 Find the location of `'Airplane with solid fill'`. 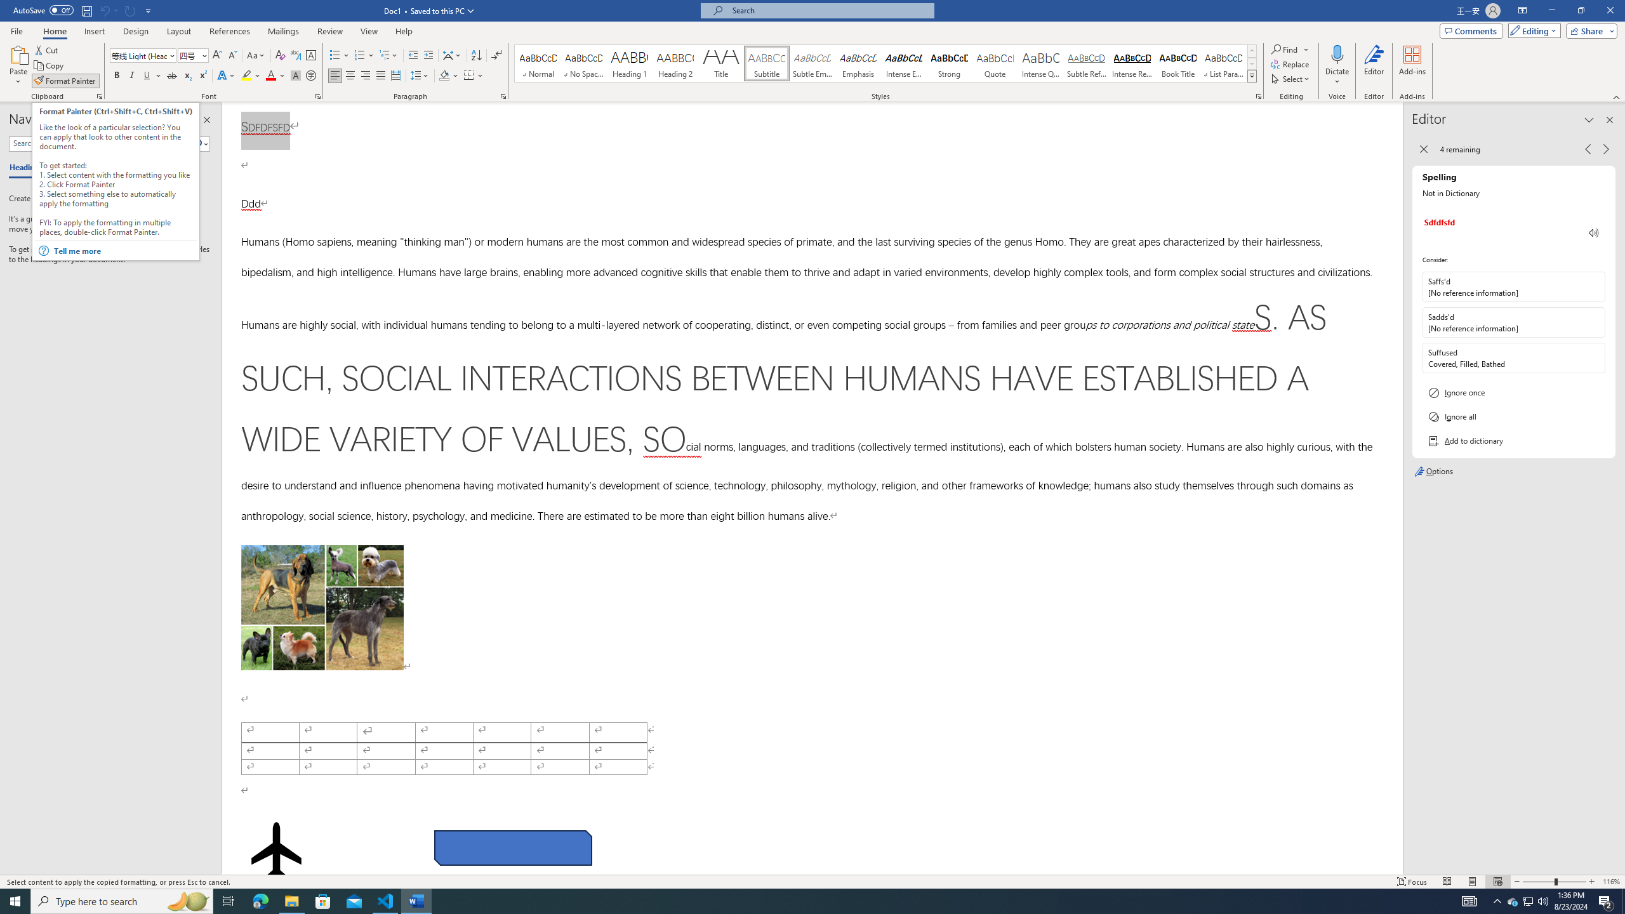

'Airplane with solid fill' is located at coordinates (276, 851).